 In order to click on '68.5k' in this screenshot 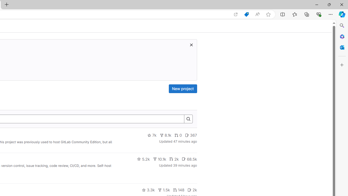, I will do `click(189, 159)`.